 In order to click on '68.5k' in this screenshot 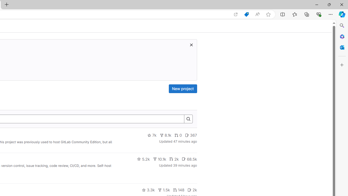, I will do `click(189, 159)`.